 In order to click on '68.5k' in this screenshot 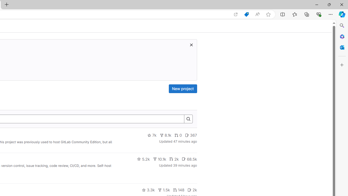, I will do `click(189, 159)`.